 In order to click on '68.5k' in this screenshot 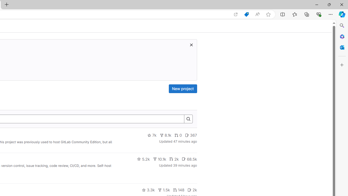, I will do `click(189, 159)`.